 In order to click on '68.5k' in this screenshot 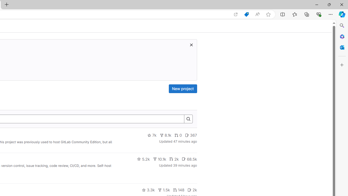, I will do `click(189, 159)`.